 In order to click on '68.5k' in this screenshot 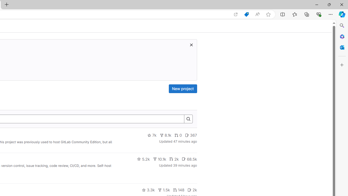, I will do `click(189, 159)`.